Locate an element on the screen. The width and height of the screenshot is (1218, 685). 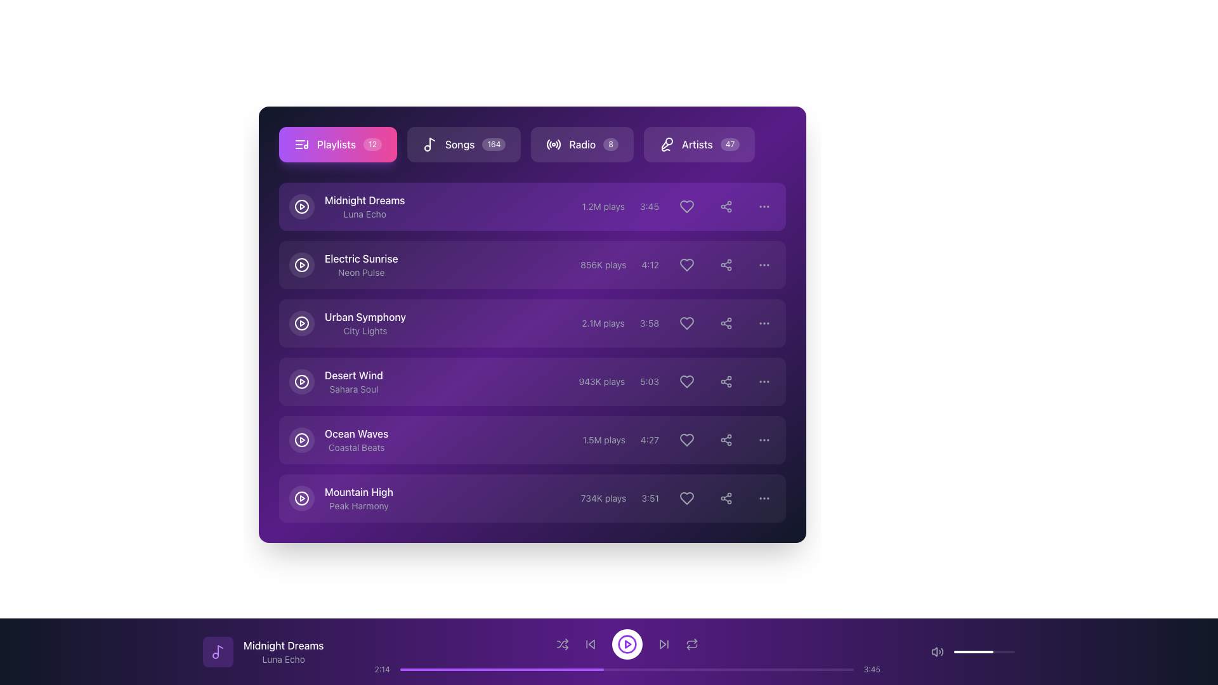
the play button for the 'Ocean Waves' track, which is is located at coordinates (301, 440).